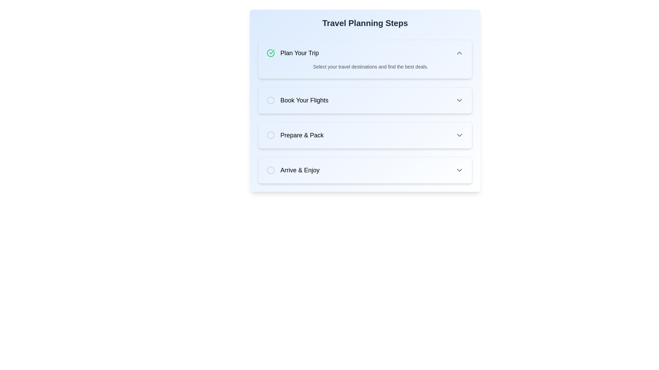  What do you see at coordinates (270, 135) in the screenshot?
I see `the circular SVG icon component located in the 'Prepare & Pack' section, below the 'Book Your Flights' section` at bounding box center [270, 135].